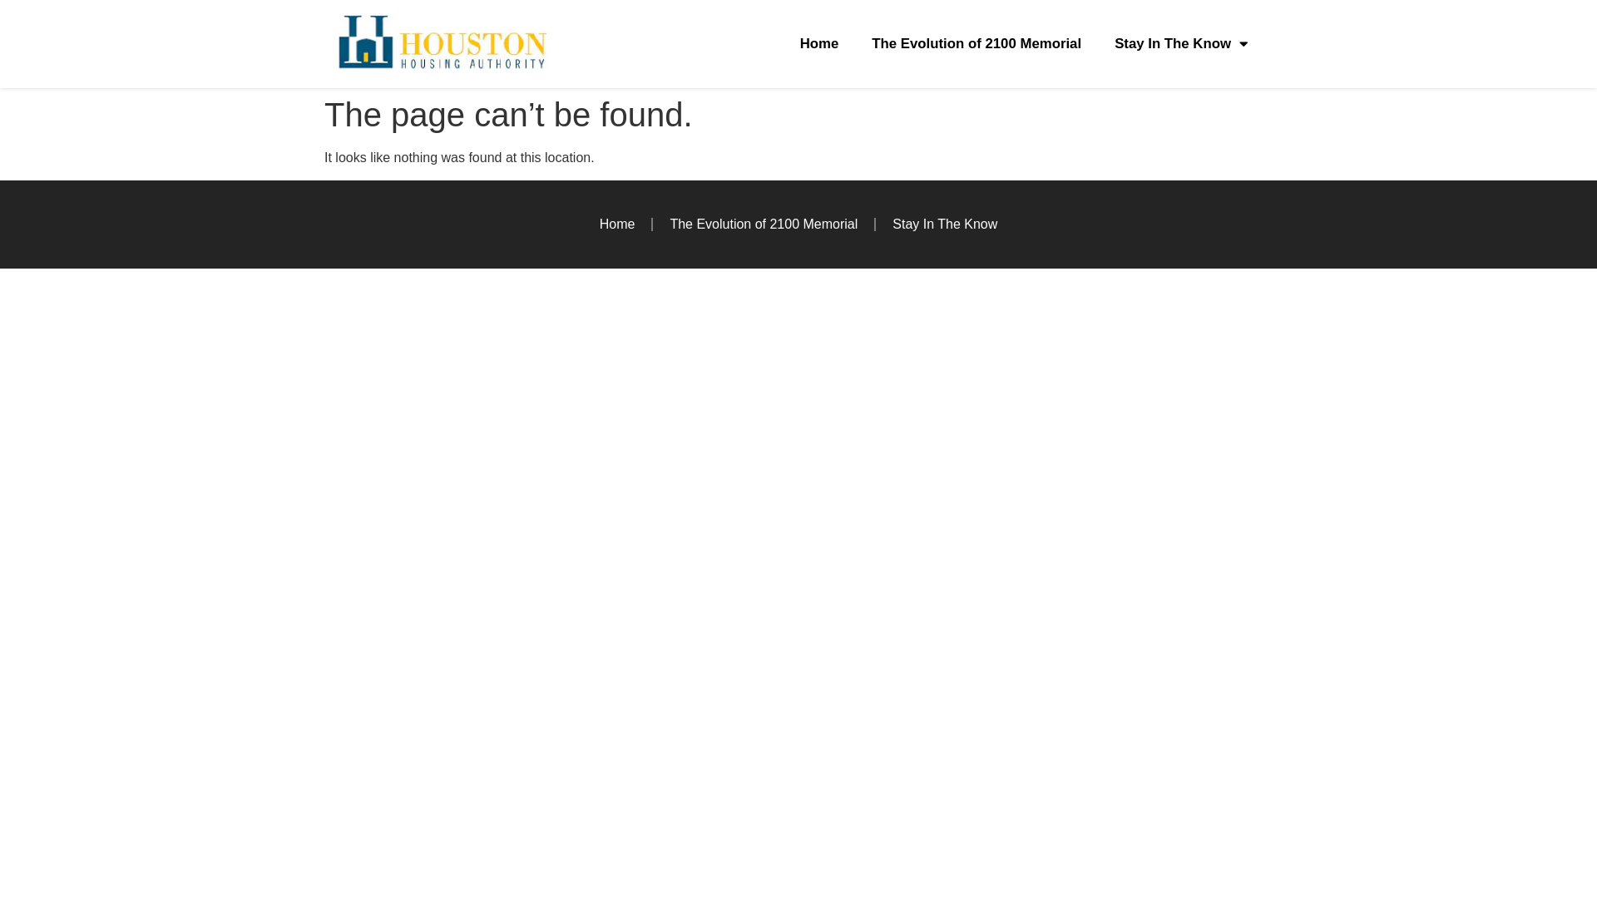  What do you see at coordinates (762, 224) in the screenshot?
I see `'The Evolution of 2100 Memorial'` at bounding box center [762, 224].